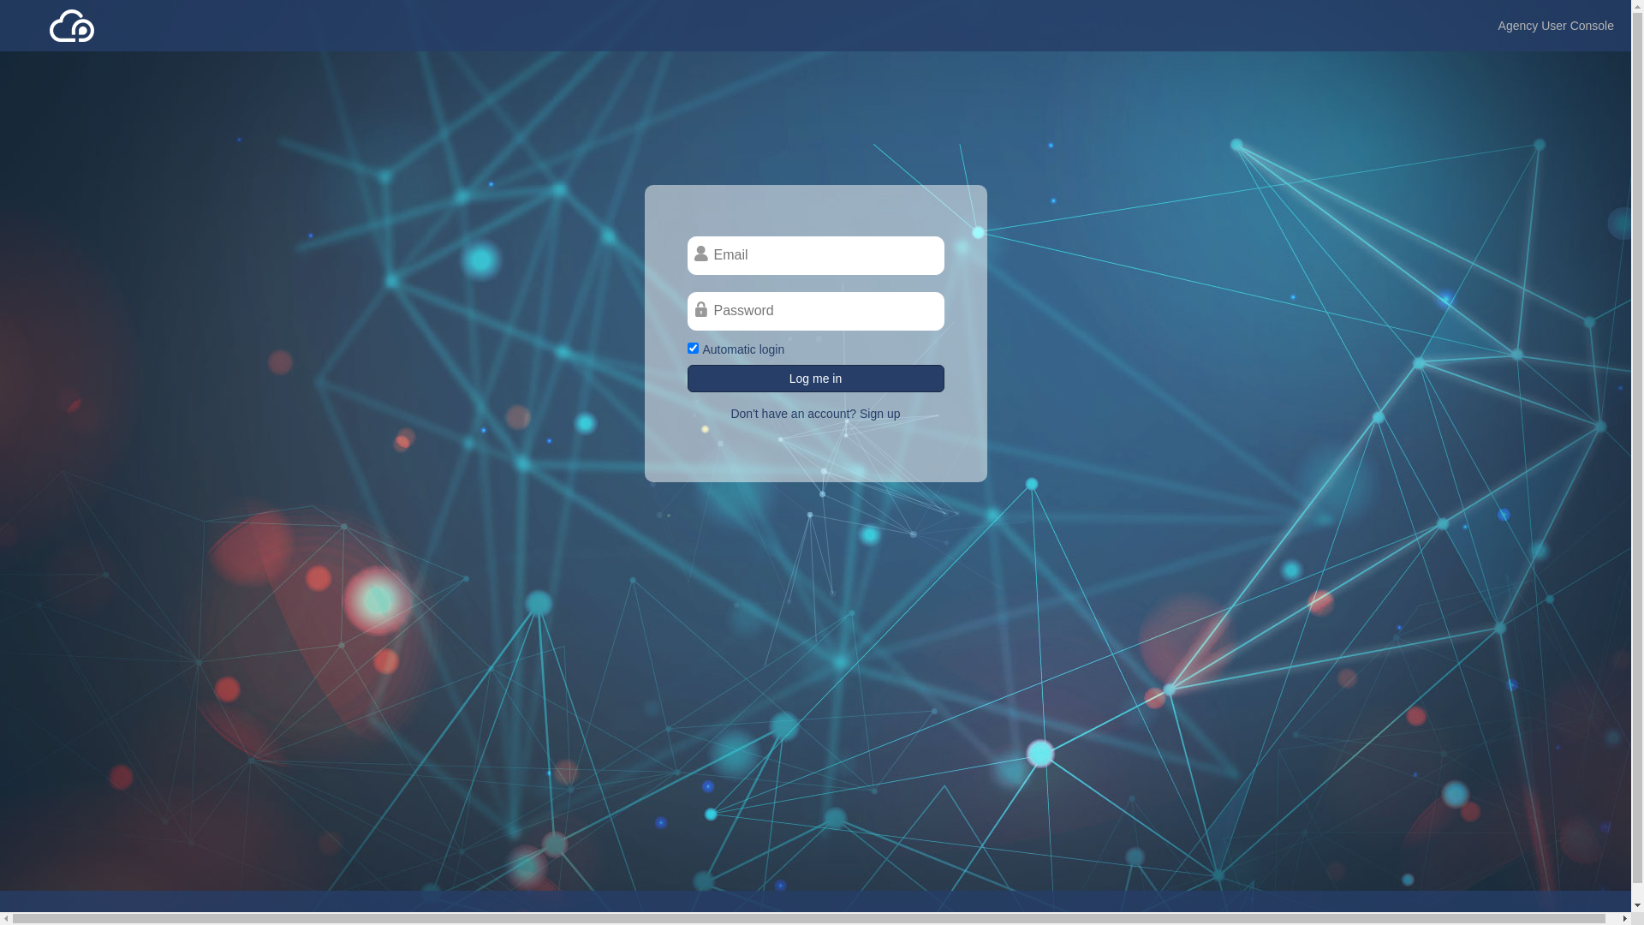 Image resolution: width=1644 pixels, height=925 pixels. I want to click on ' Sign up', so click(878, 413).